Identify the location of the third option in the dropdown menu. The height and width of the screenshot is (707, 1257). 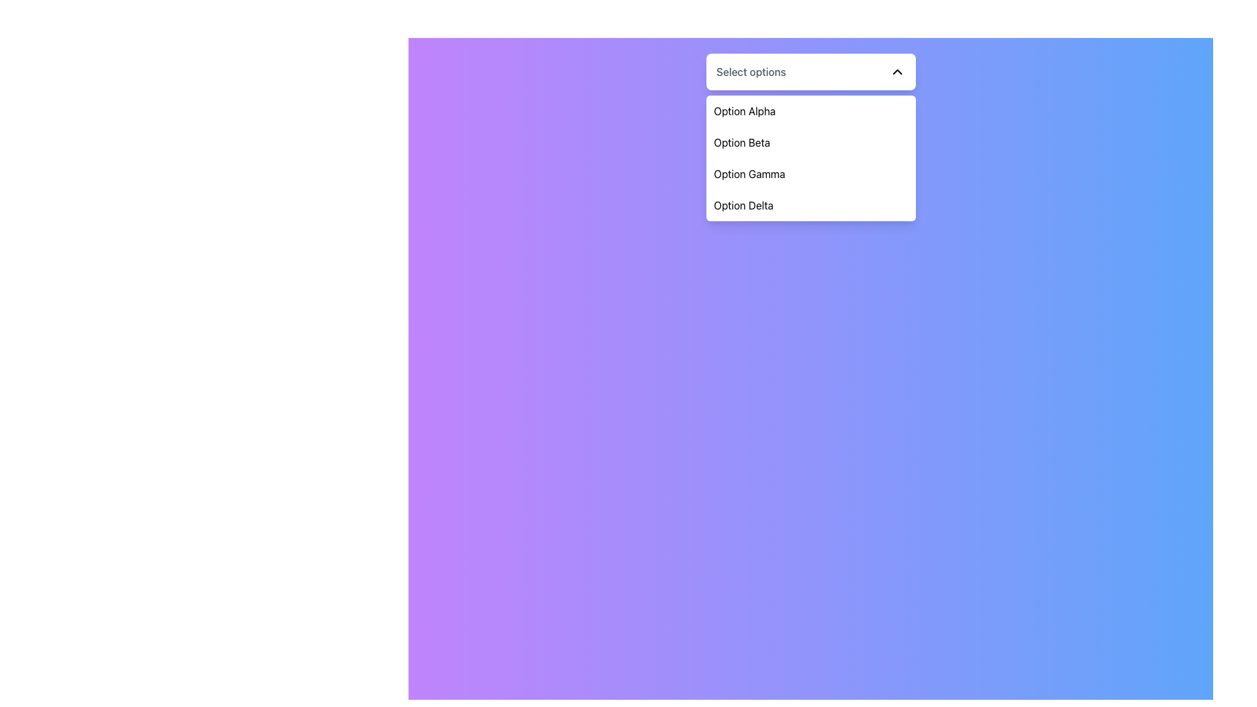
(749, 173).